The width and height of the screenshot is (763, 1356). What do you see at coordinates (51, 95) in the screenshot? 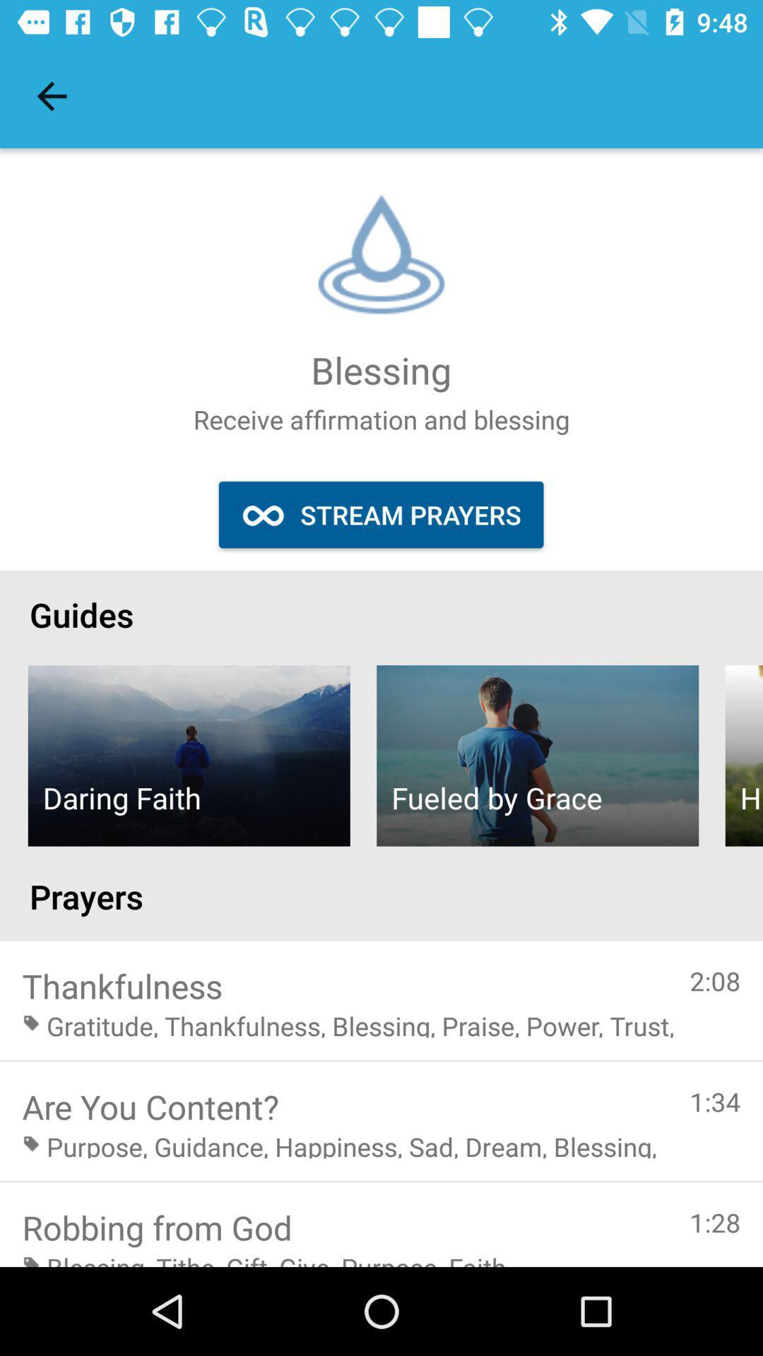
I see `the item at the top left corner` at bounding box center [51, 95].